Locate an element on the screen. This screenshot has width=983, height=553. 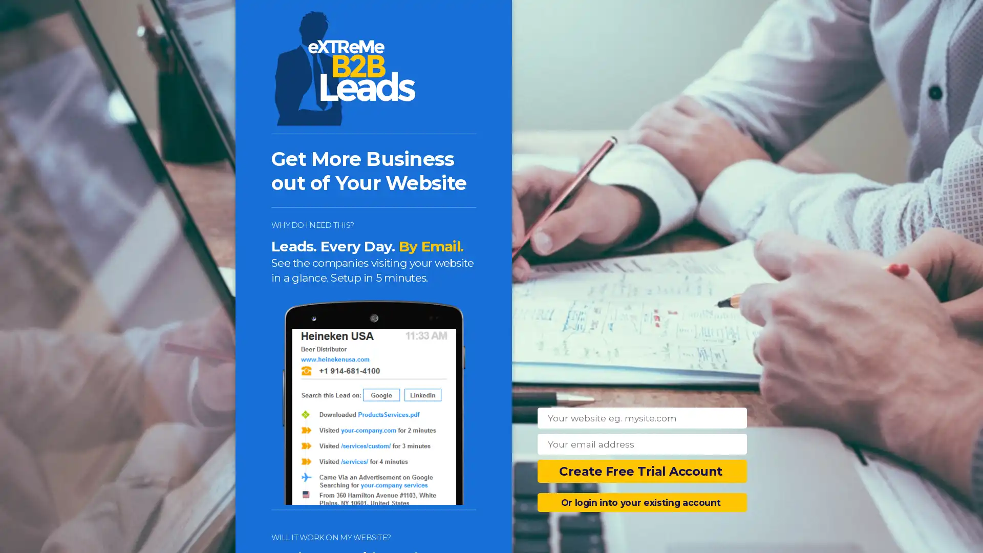
Or login into your existing account is located at coordinates (642, 502).